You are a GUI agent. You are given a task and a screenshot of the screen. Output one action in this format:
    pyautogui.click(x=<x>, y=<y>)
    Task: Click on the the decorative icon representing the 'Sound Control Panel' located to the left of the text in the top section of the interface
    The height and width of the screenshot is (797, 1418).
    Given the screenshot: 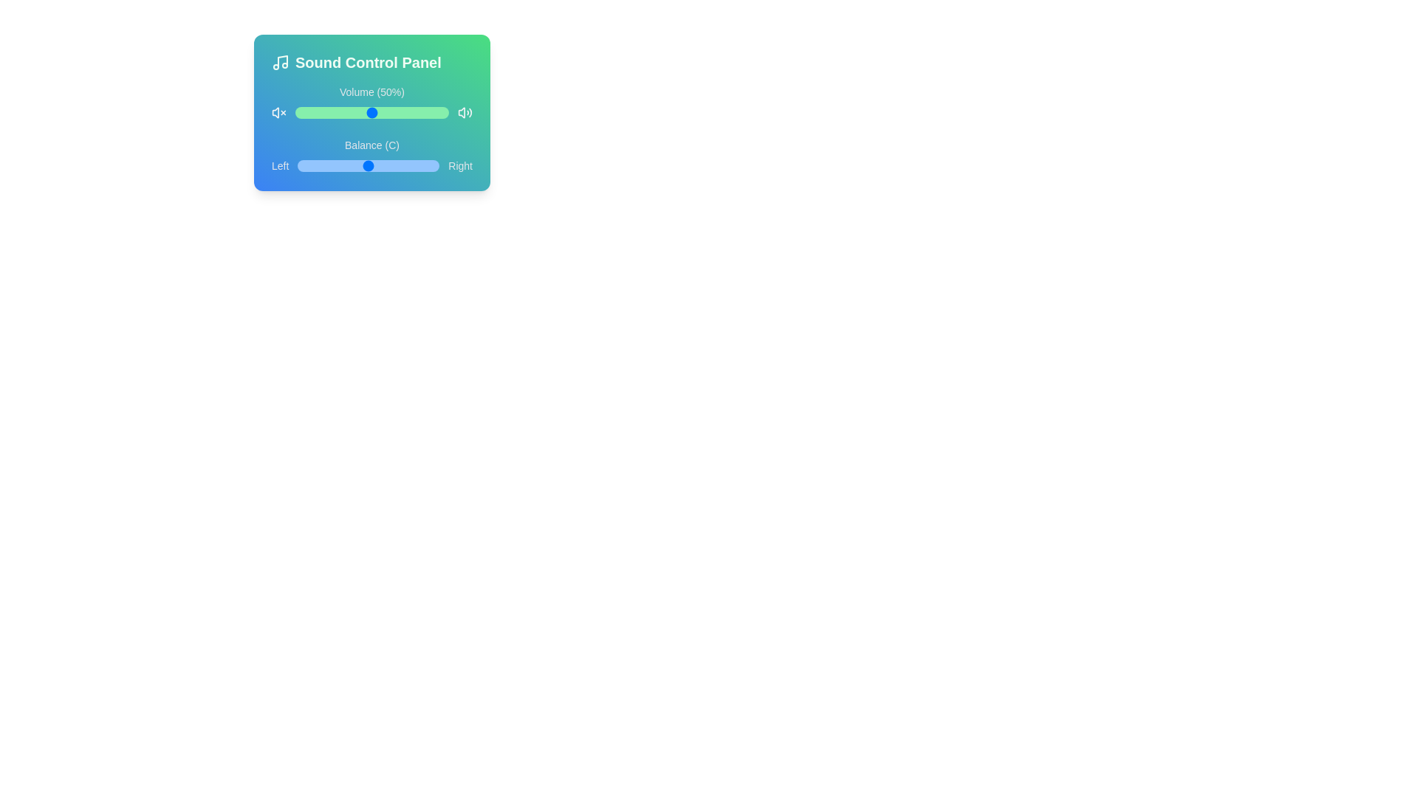 What is the action you would take?
    pyautogui.click(x=280, y=61)
    